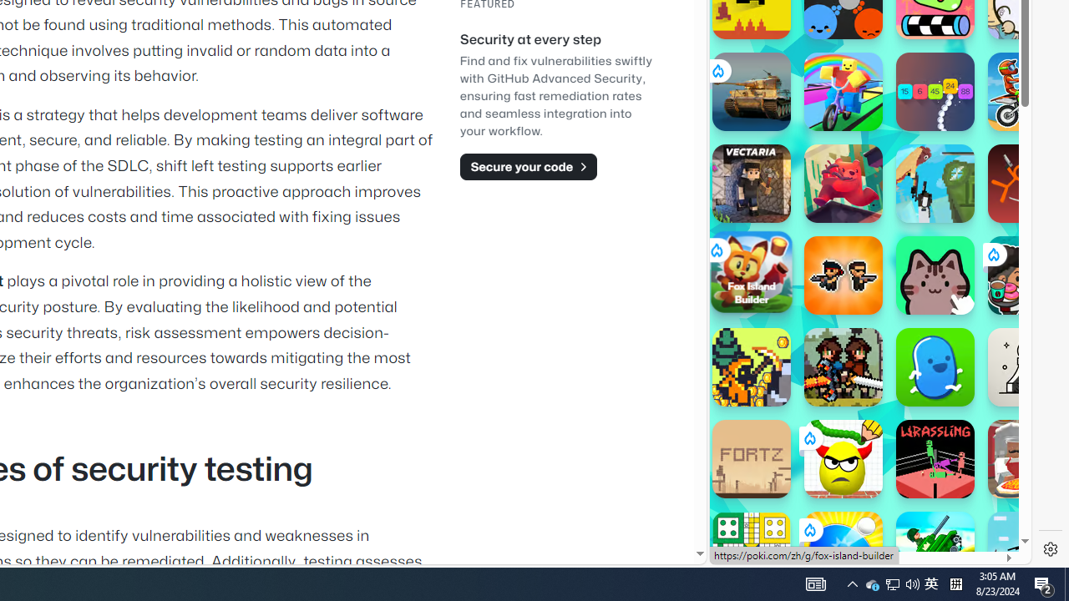 This screenshot has width=1069, height=601. Describe the element at coordinates (1026, 92) in the screenshot. I see `'Moto X3M'` at that location.